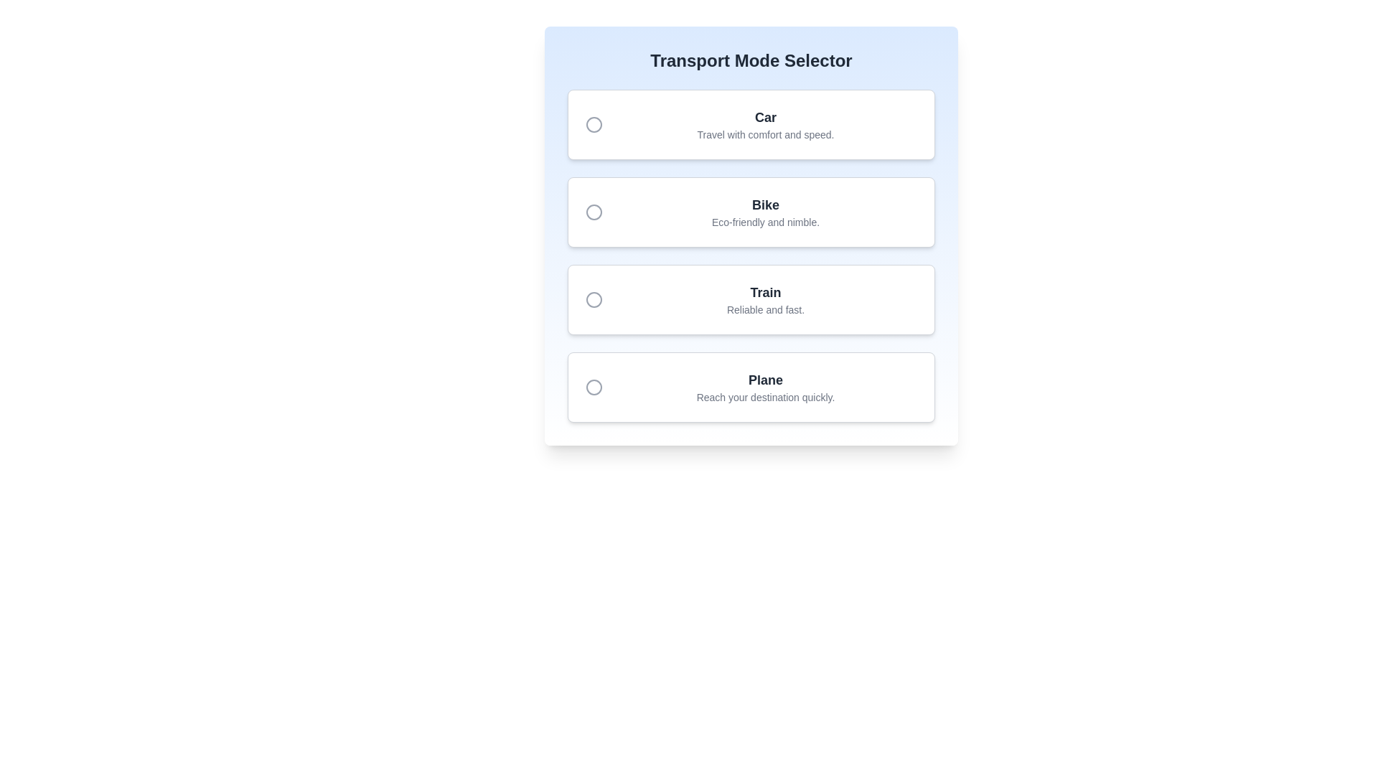 Image resolution: width=1378 pixels, height=775 pixels. Describe the element at coordinates (764, 292) in the screenshot. I see `the text label that identifies the transport option as 'Train' in the Transport Mode Selector interface` at that location.